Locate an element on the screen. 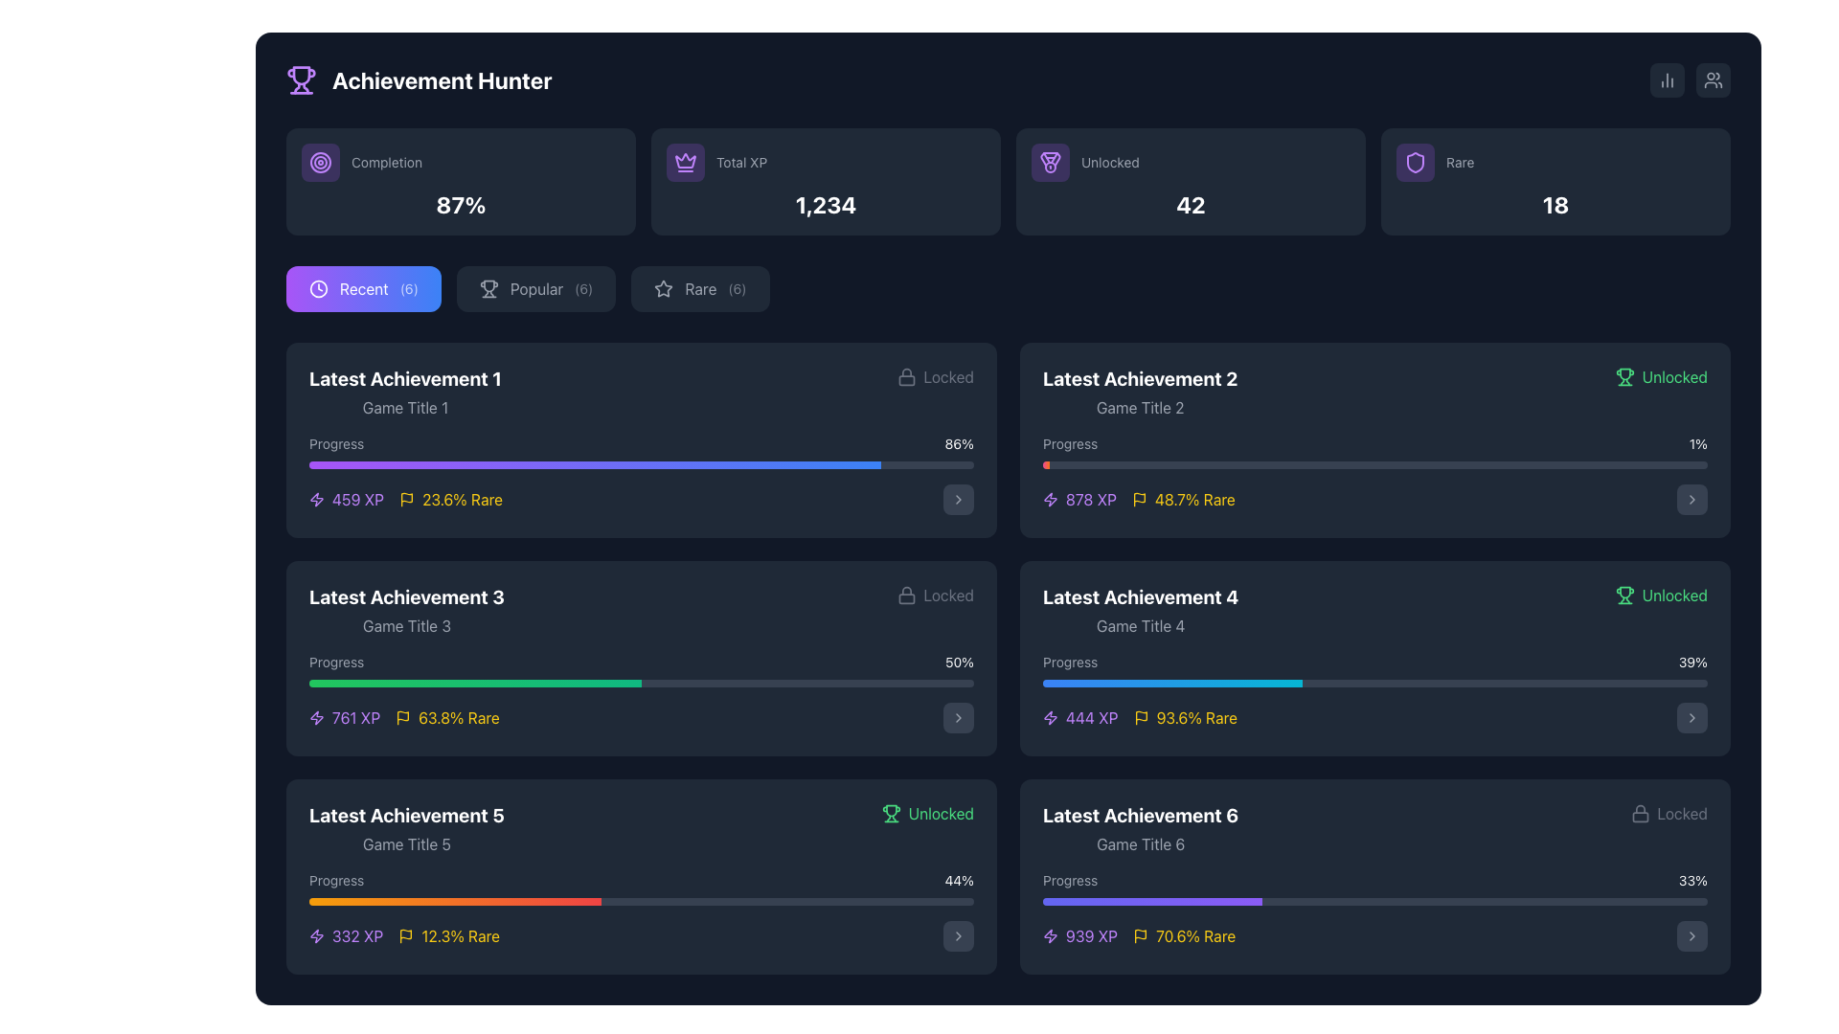 The image size is (1839, 1034). the padlock icon located to the left of the word 'Locked' in the 'Latest Achievement 1' section is located at coordinates (905, 594).